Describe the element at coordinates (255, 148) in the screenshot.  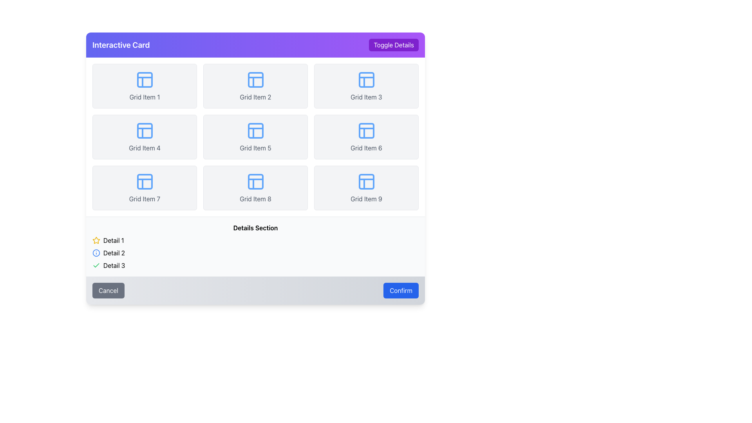
I see `the Text Label that identifies 'Grid Item 5', which is located in the middle grid item of the second row in a 3x3 grid layout, positioned below a blue grid icon` at that location.